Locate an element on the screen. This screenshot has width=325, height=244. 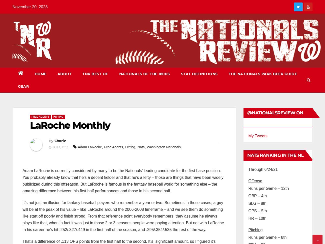
'Nats Ranking in the NL' is located at coordinates (275, 155).